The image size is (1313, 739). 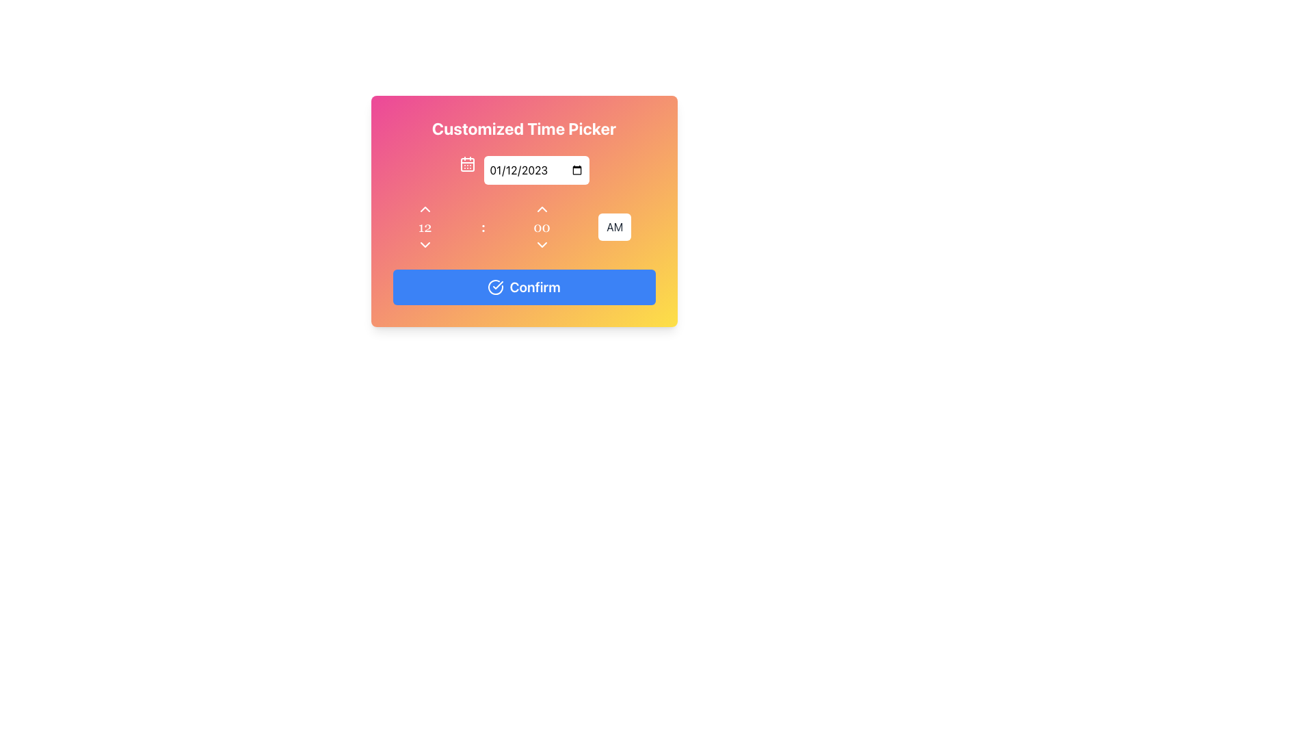 I want to click on the 'AM' toggle button with a white background and black text to switch between AM and PM, so click(x=614, y=226).